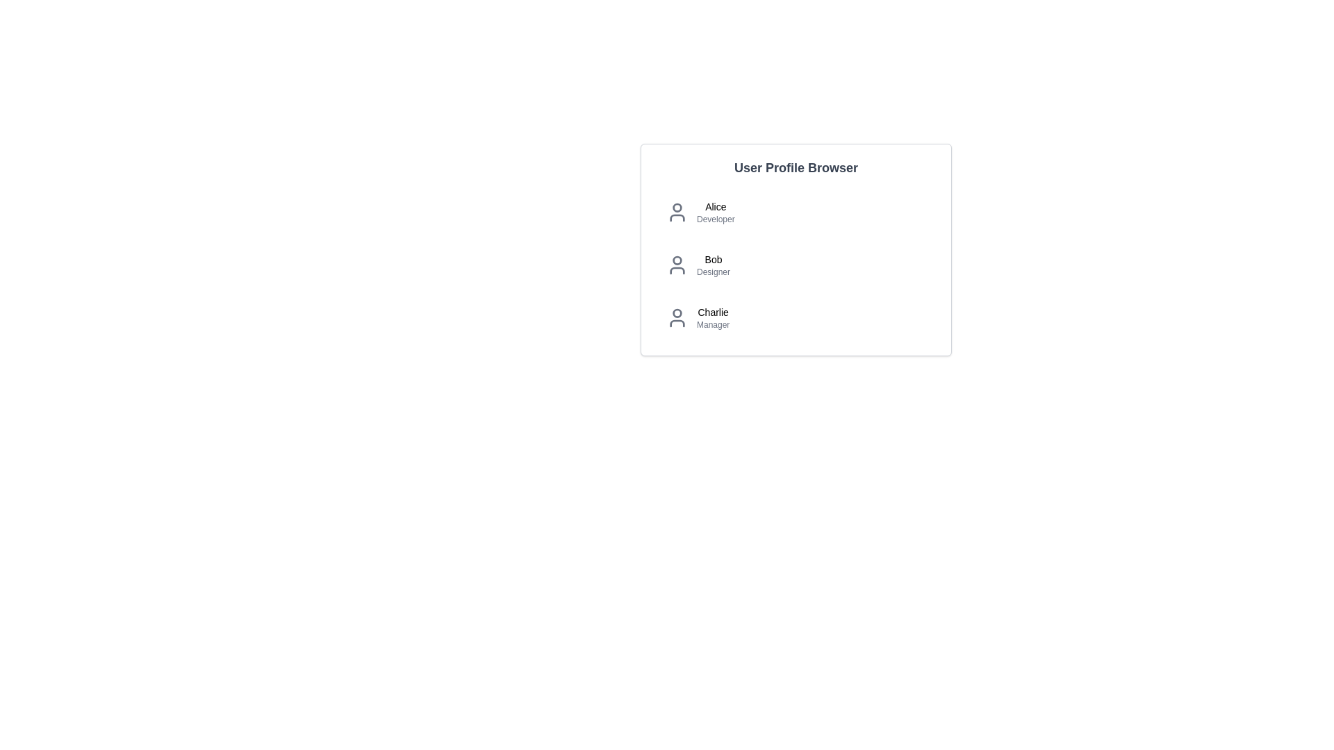  What do you see at coordinates (677, 324) in the screenshot?
I see `the lower portion of the user profile icon, which is the bottom half of a simplified human figure icon, designed in a minimalist style with gray coloring, located near the user 'Charlie' with the role 'Manager'` at bounding box center [677, 324].